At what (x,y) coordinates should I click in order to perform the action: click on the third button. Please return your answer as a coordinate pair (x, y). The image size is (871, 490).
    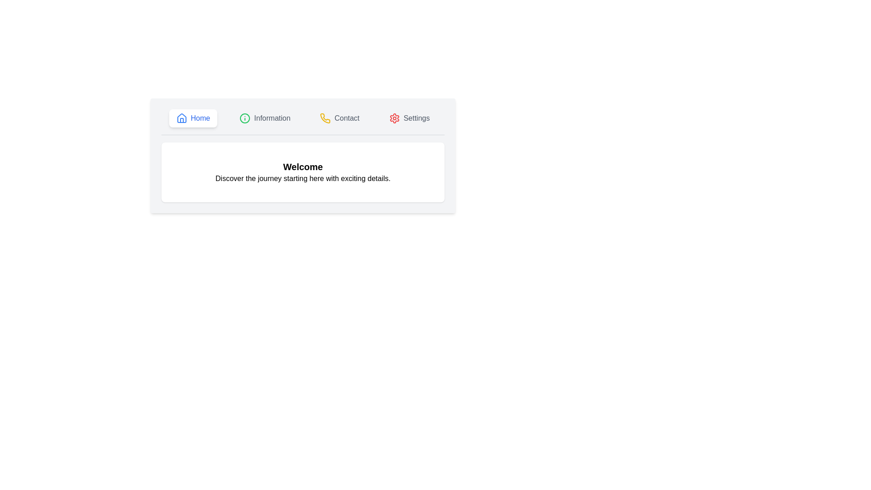
    Looking at the image, I should click on (339, 118).